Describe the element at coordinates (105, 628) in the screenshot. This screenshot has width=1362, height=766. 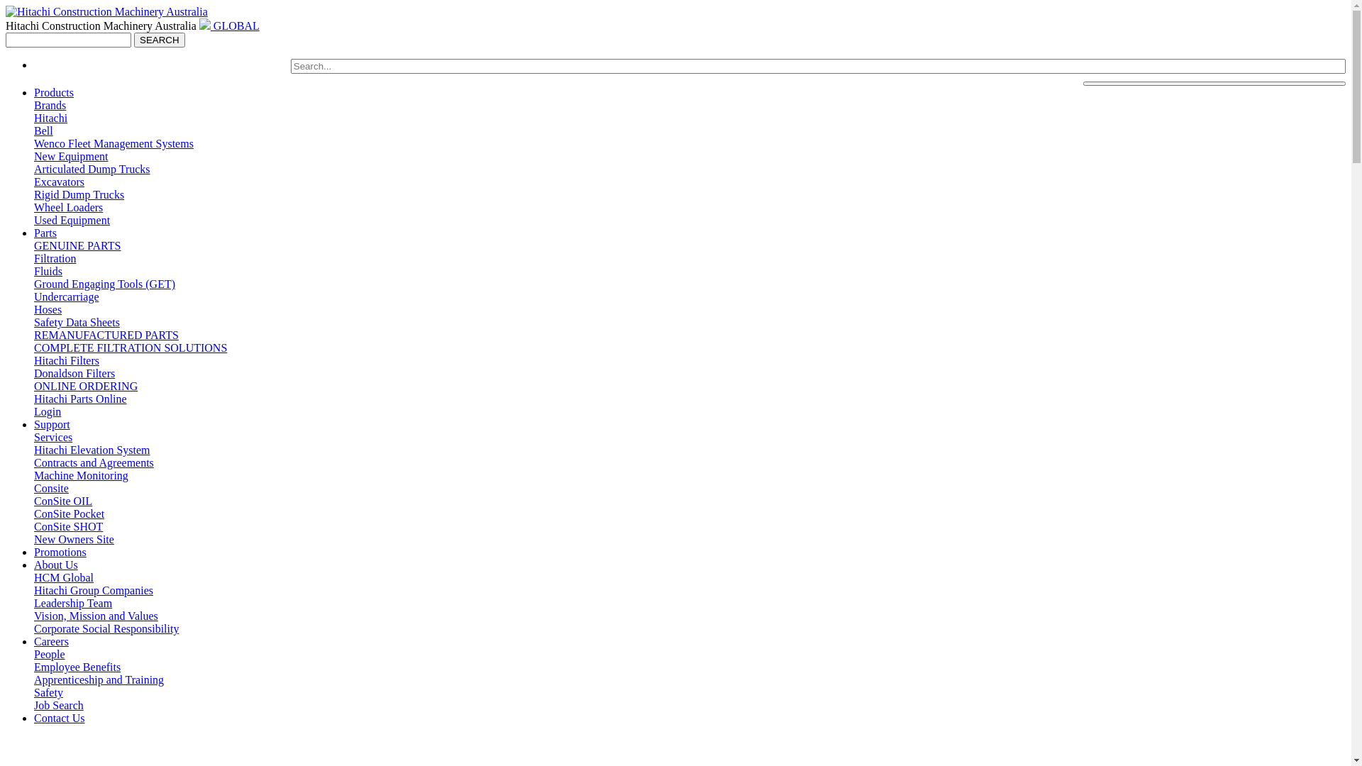
I see `'Corporate Social Responsibility'` at that location.